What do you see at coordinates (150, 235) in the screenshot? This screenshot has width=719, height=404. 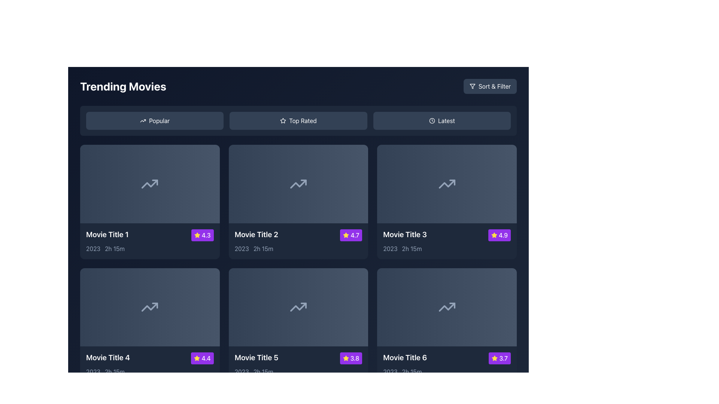 I see `the rating section of the List item titled 'Movie Title 1'` at bounding box center [150, 235].